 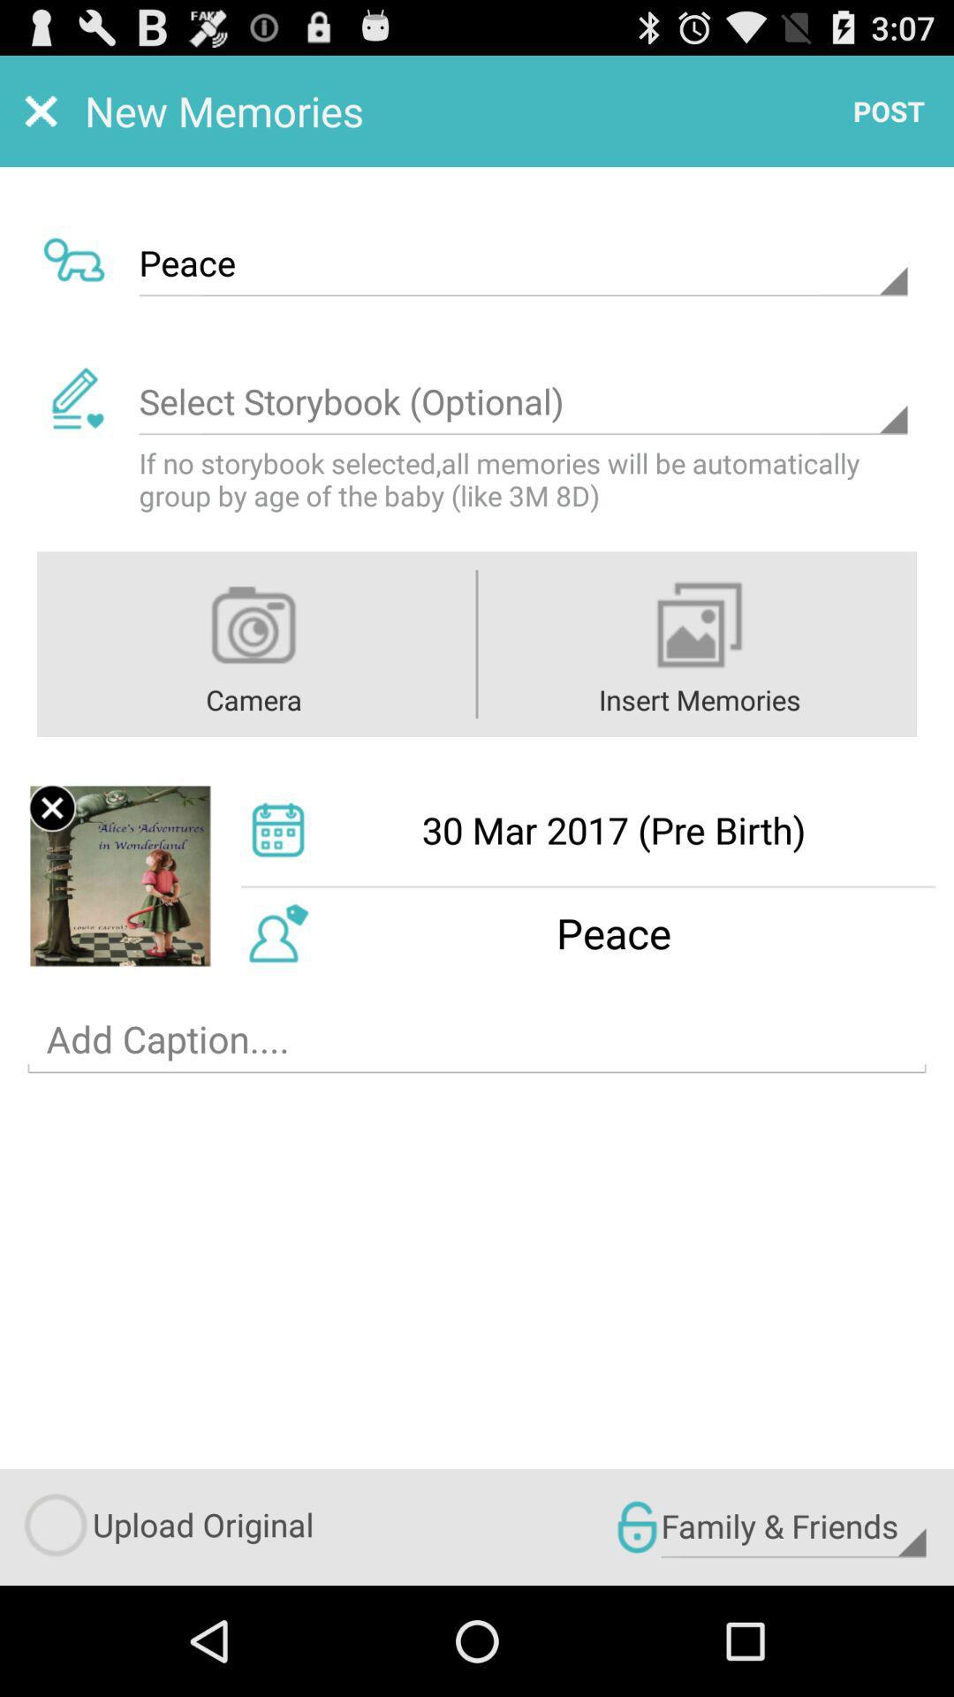 What do you see at coordinates (51, 807) in the screenshot?
I see `remove uploaded picture` at bounding box center [51, 807].